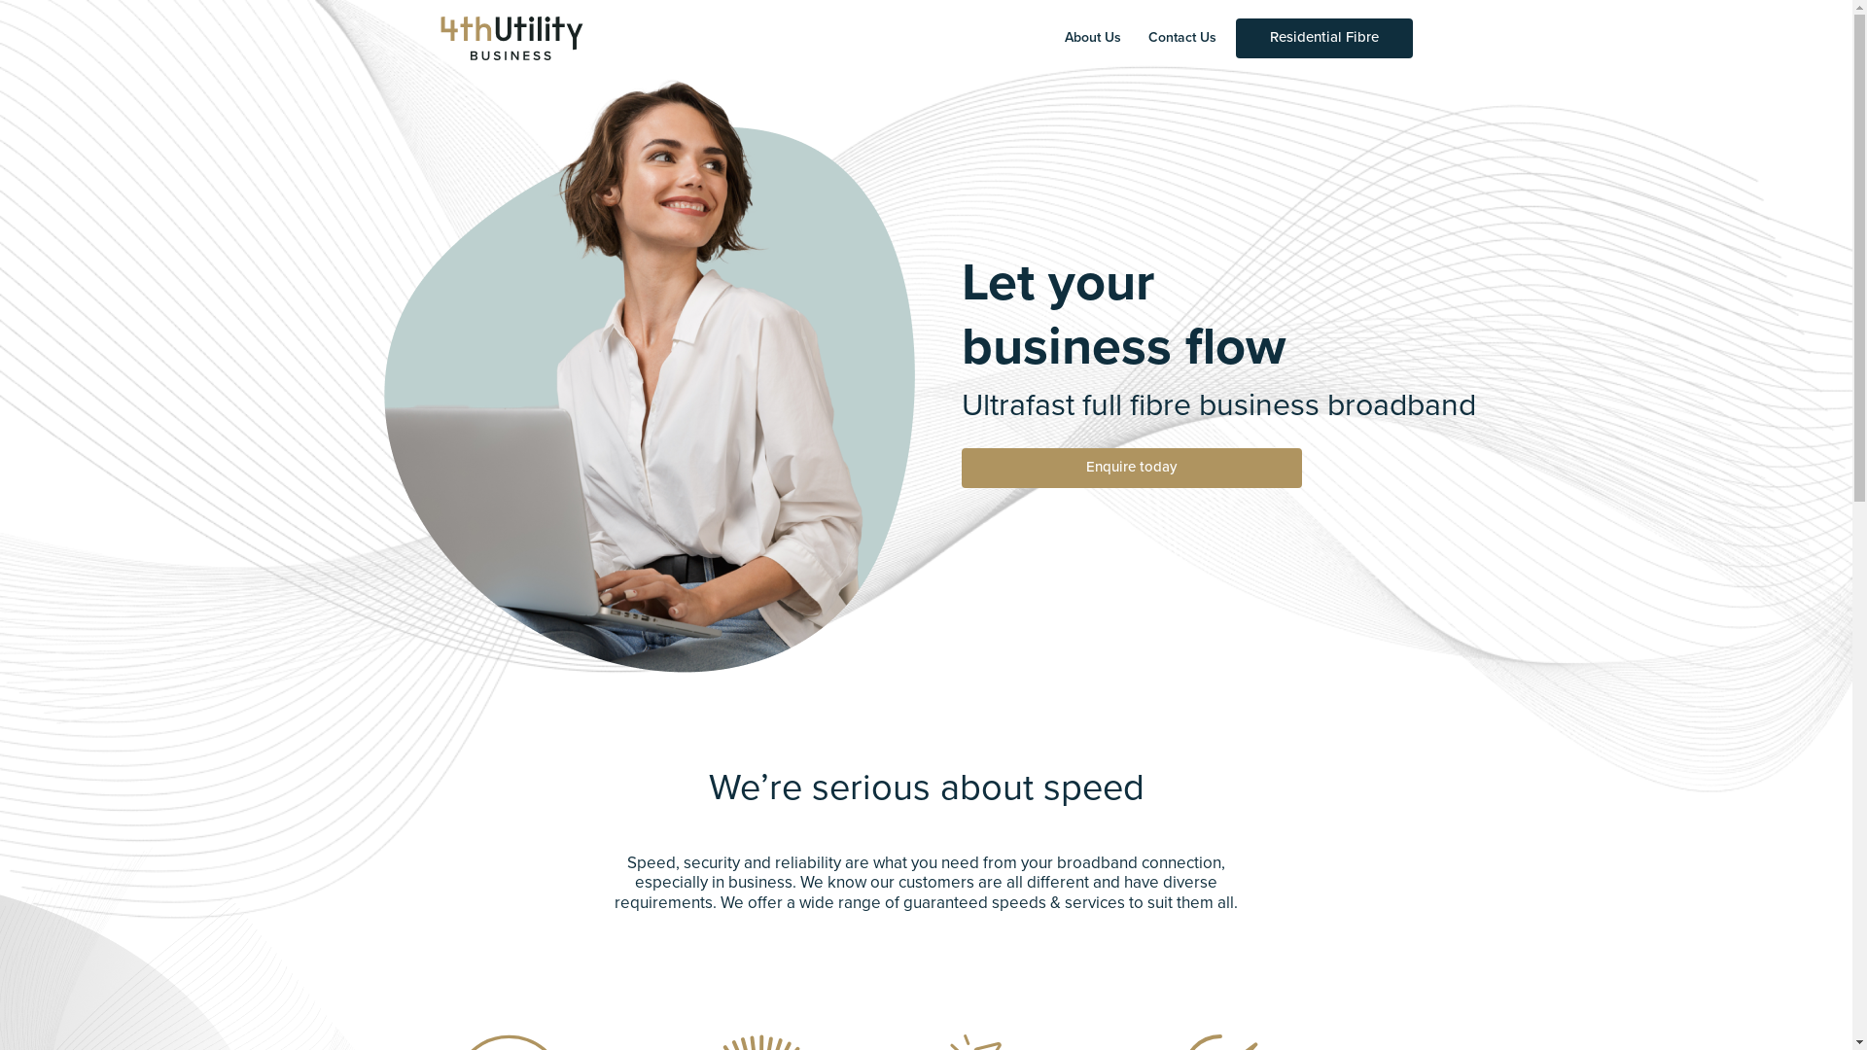 The height and width of the screenshot is (1050, 1867). What do you see at coordinates (1092, 38) in the screenshot?
I see `'About Us'` at bounding box center [1092, 38].